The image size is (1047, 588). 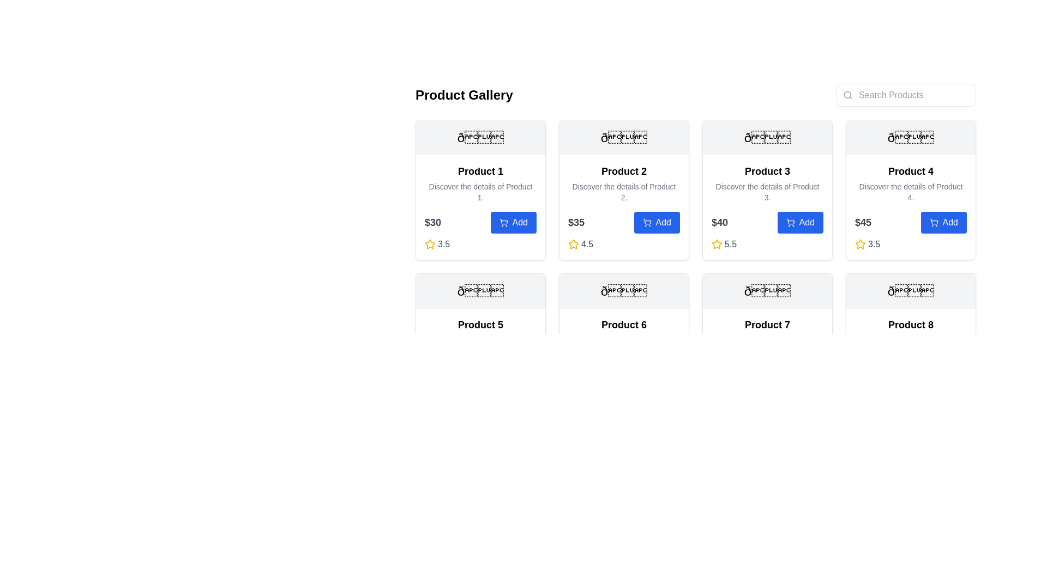 I want to click on the star icon that denotes a rating of 4.5, positioned under the price and 'Add' button of the second product in the gallery, so click(x=573, y=243).